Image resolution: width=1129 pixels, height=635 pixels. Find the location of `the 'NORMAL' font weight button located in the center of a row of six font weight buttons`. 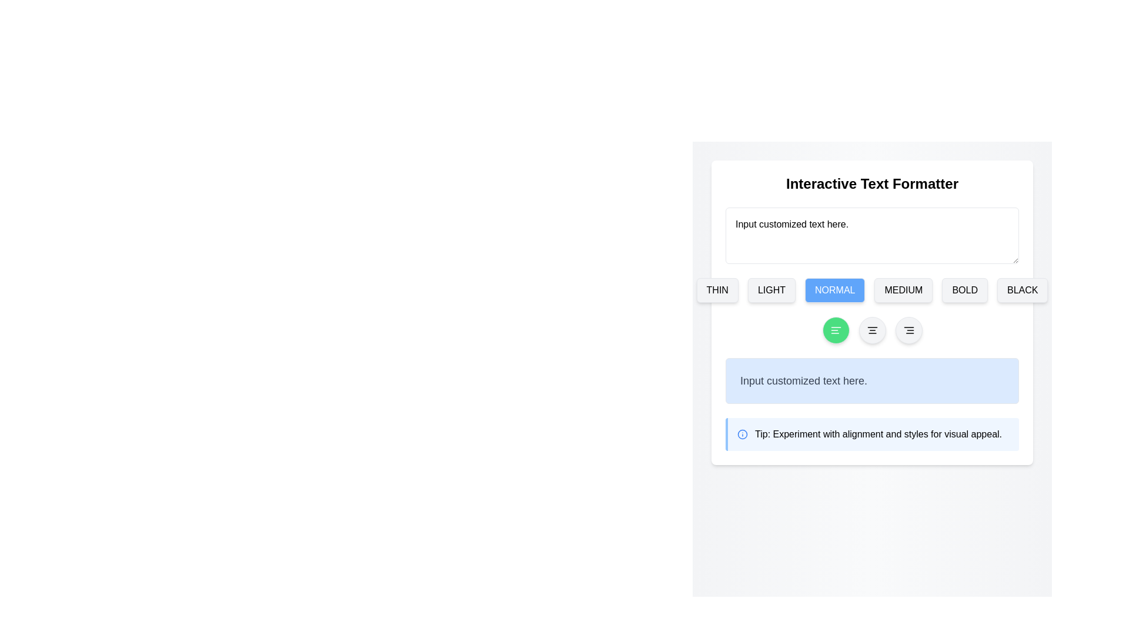

the 'NORMAL' font weight button located in the center of a row of six font weight buttons is located at coordinates (872, 290).